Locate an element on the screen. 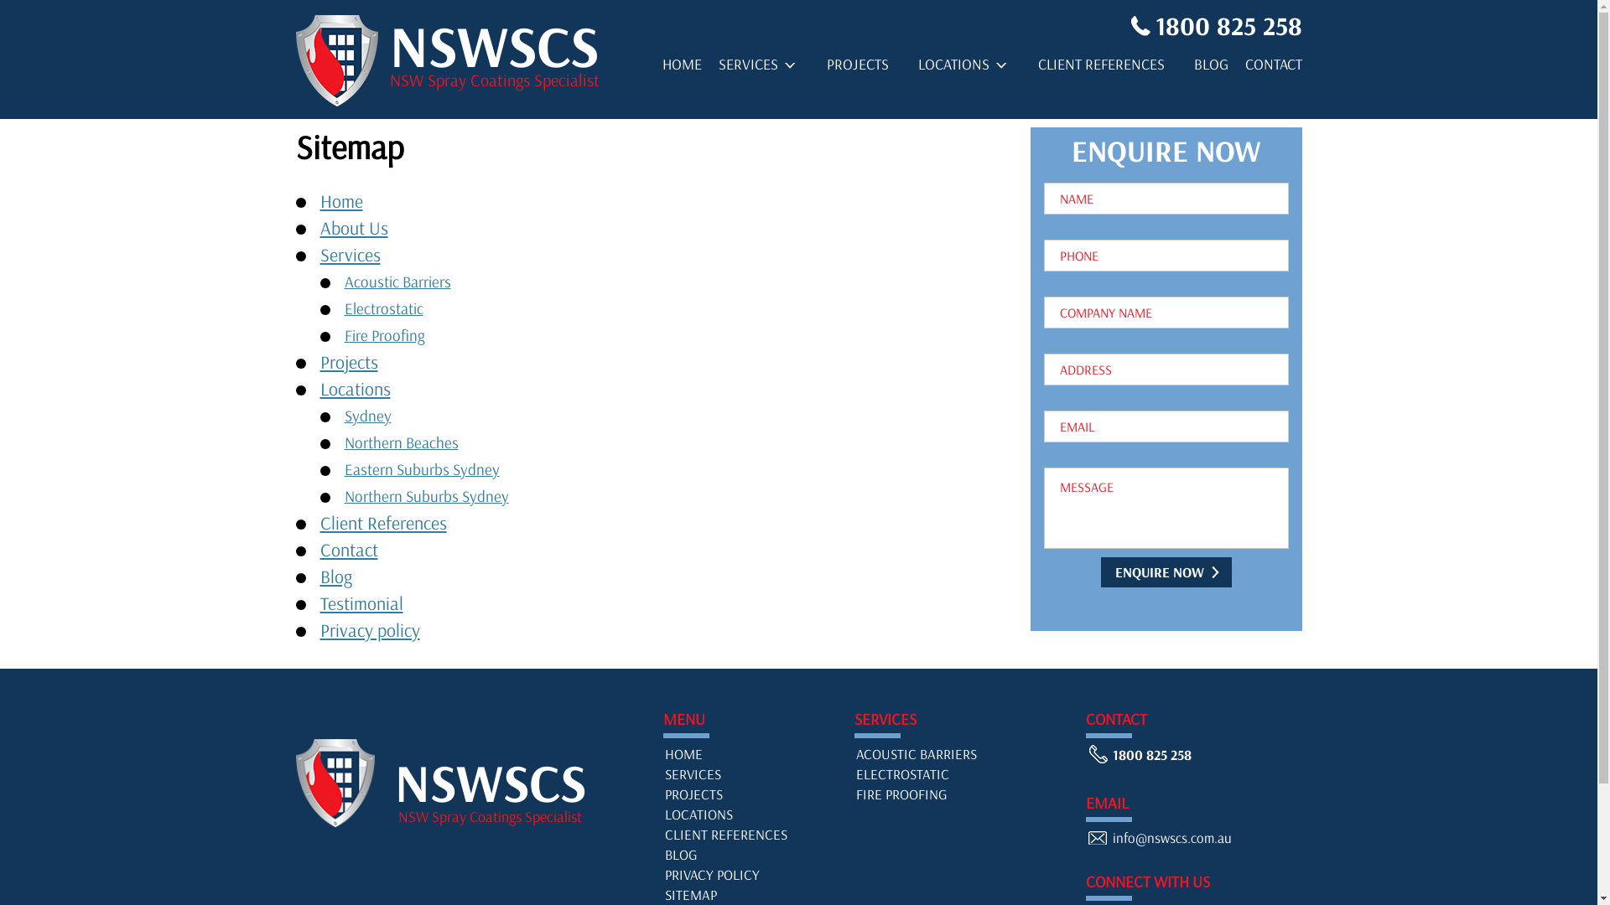  'PROJECTS' is located at coordinates (663, 793).